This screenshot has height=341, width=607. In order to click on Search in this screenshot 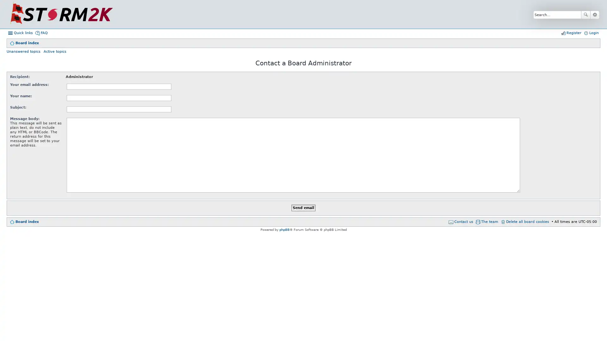, I will do `click(585, 14)`.